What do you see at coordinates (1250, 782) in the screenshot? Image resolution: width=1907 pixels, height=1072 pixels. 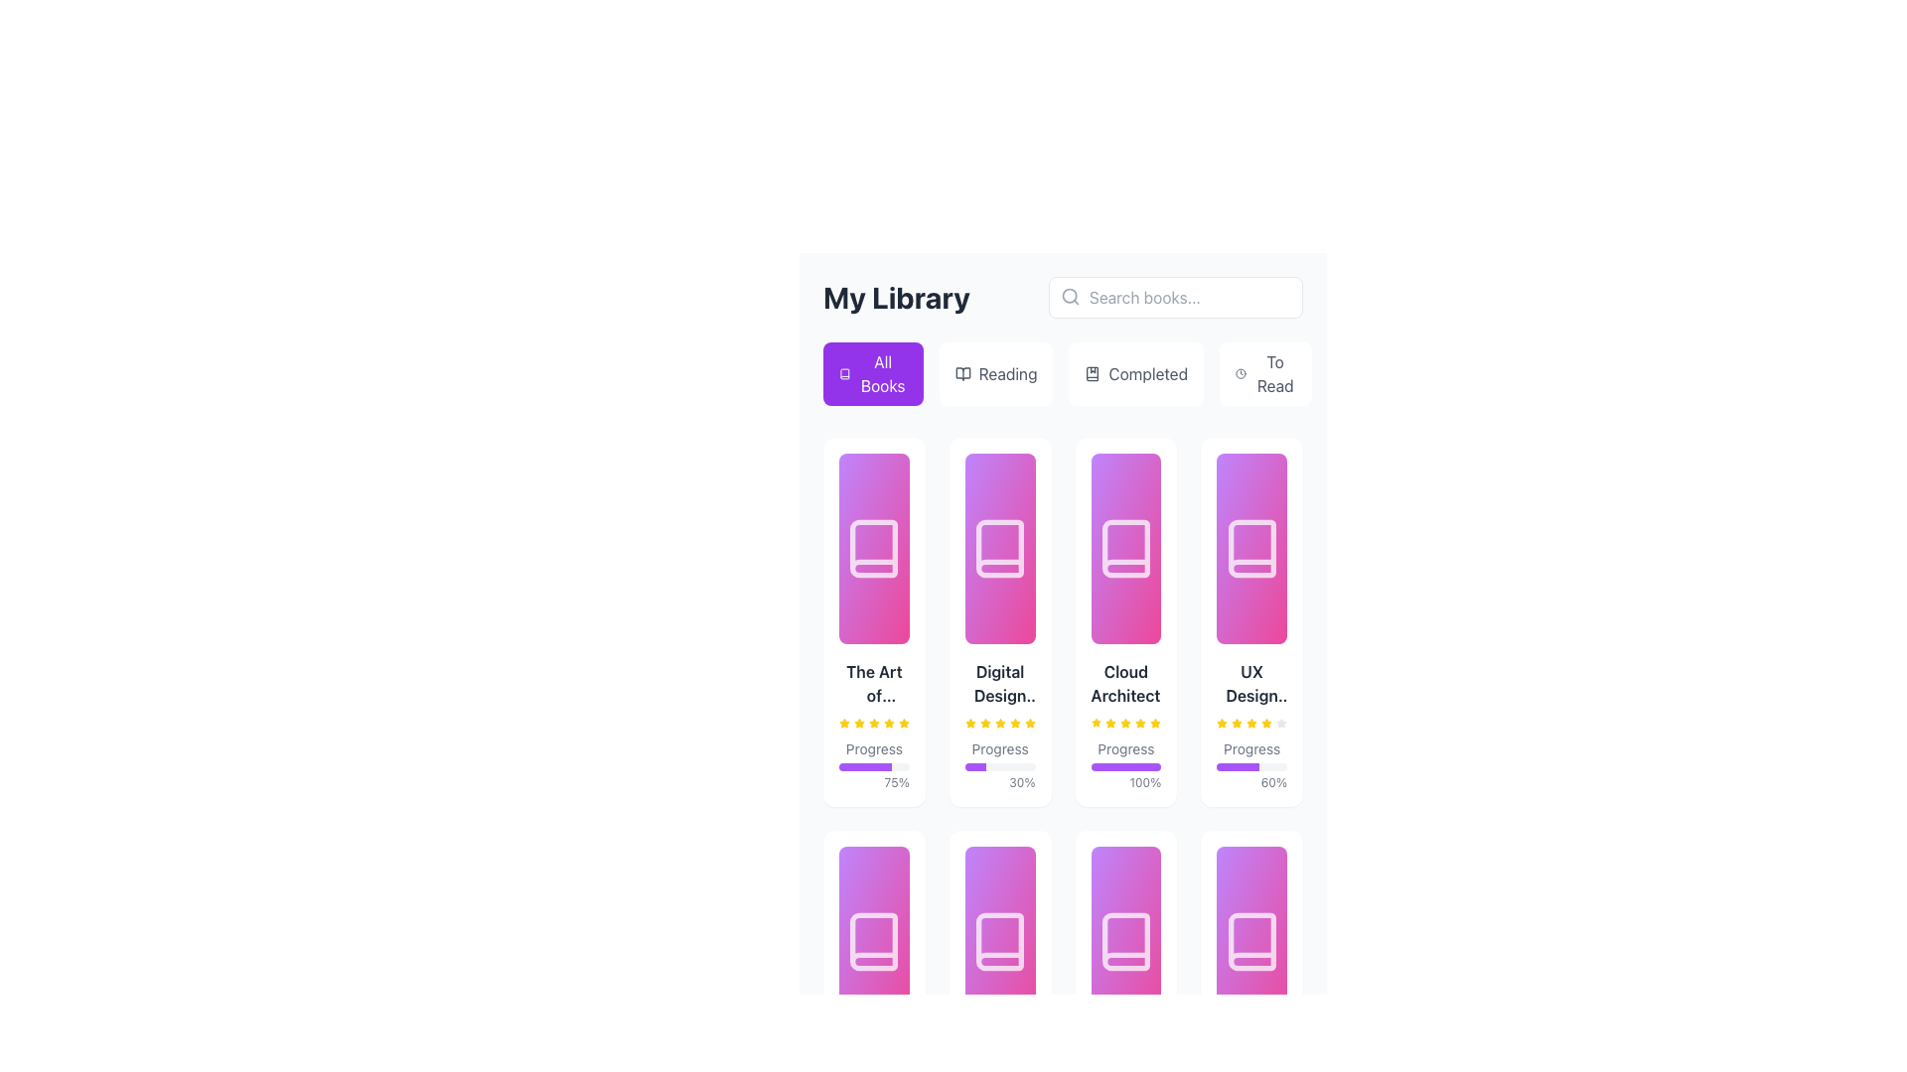 I see `the Text Label that displays the progress percentage, located at the bottom of the fourth card in the top row of the interface` at bounding box center [1250, 782].